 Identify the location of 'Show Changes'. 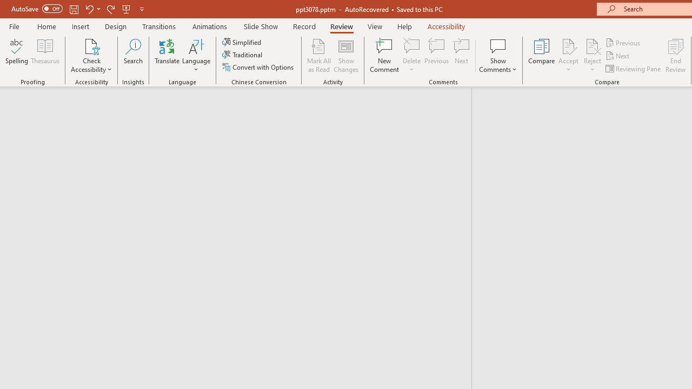
(346, 56).